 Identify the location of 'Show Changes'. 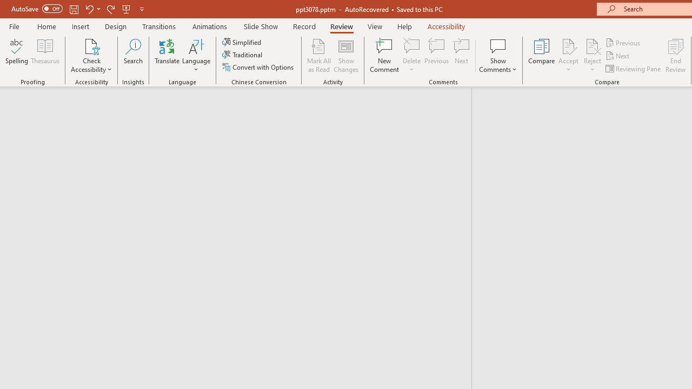
(346, 56).